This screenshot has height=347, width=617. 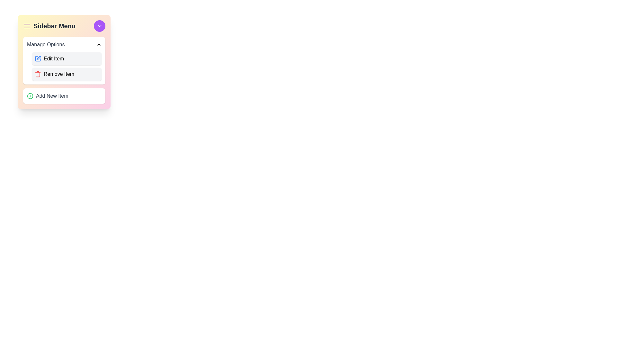 I want to click on the downward-facing chevron icon with a purple background and white stroke lines, located in the purple circular button at the top-right corner of the sidebar menu, so click(x=99, y=26).